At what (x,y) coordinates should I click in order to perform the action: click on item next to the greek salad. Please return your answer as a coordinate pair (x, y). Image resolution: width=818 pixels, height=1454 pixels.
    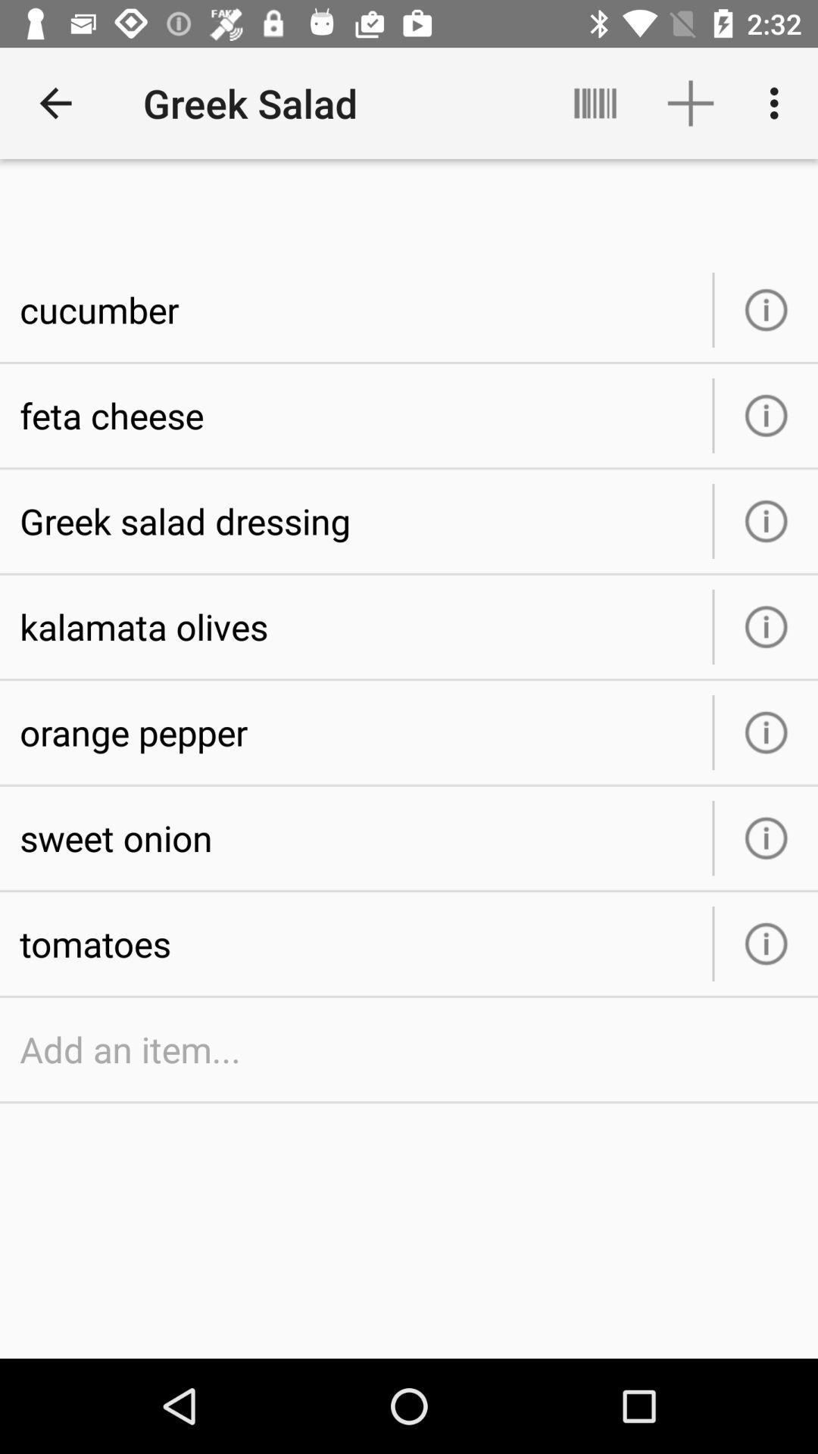
    Looking at the image, I should click on (55, 102).